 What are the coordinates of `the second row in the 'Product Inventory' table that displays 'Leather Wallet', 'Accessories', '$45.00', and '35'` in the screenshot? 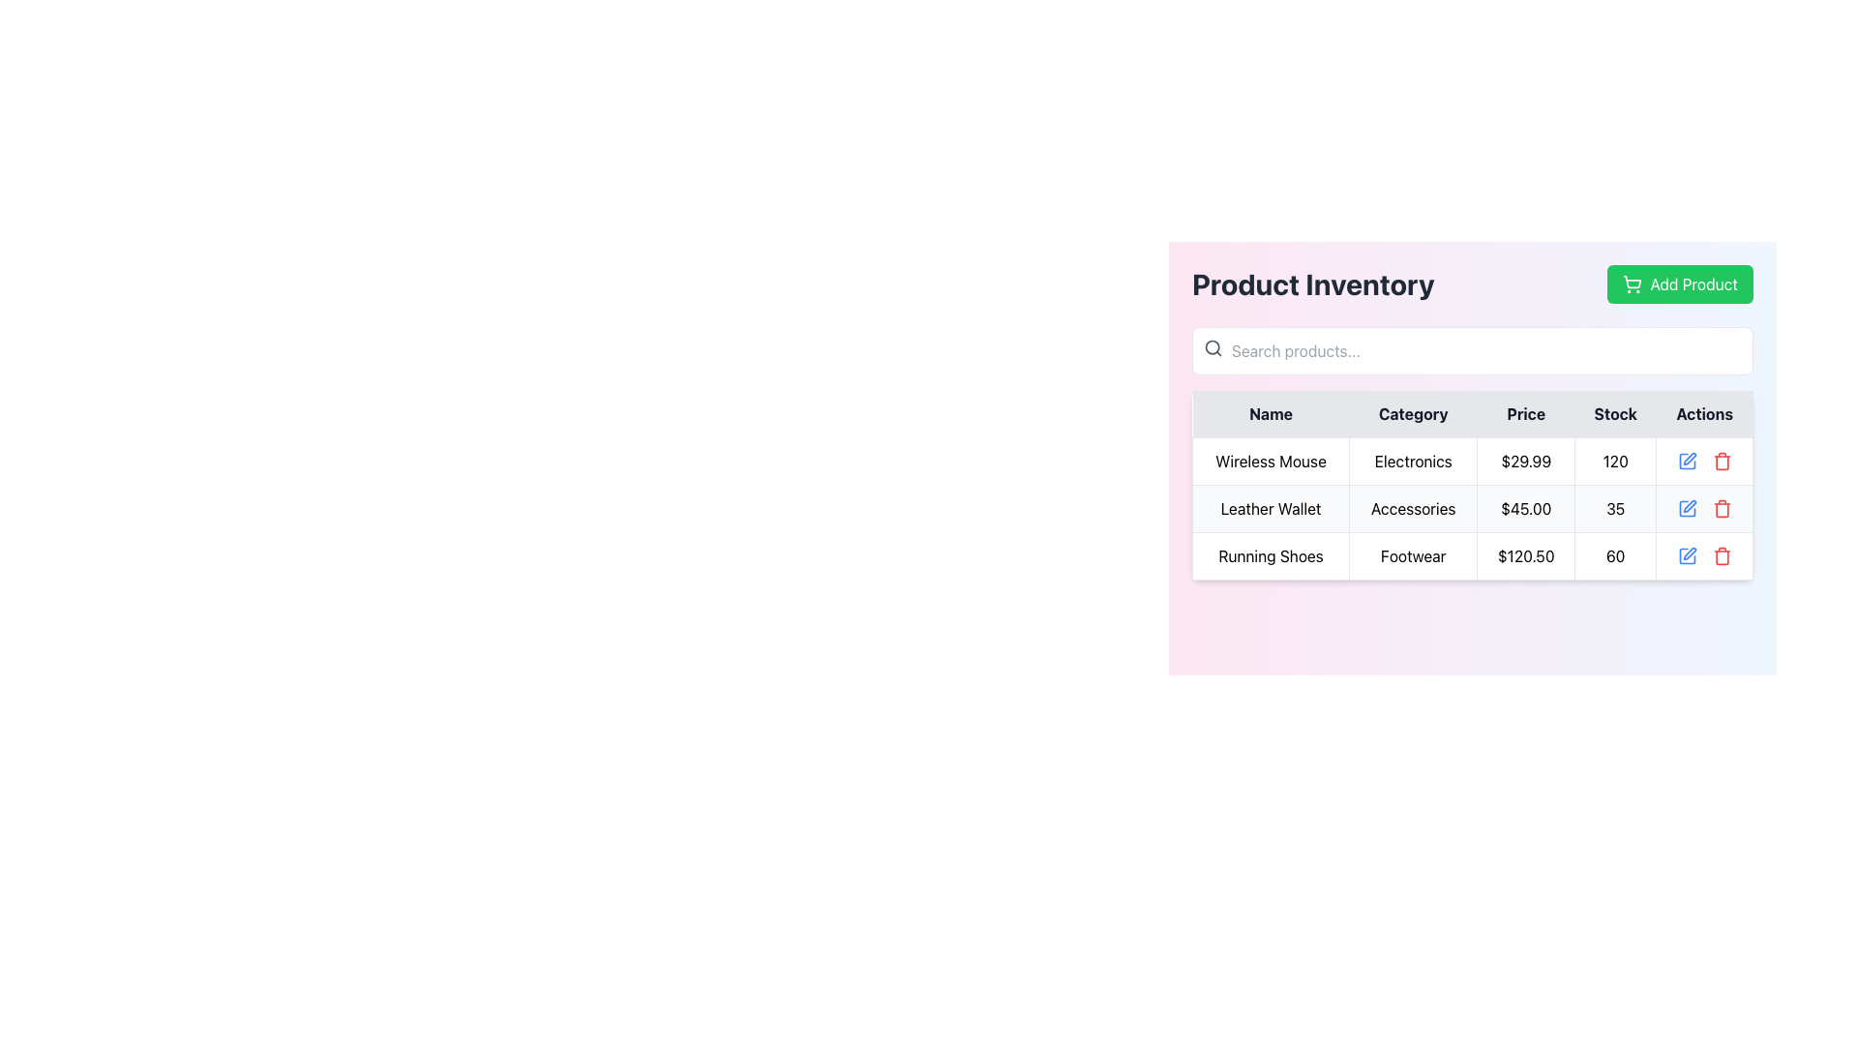 It's located at (1471, 507).